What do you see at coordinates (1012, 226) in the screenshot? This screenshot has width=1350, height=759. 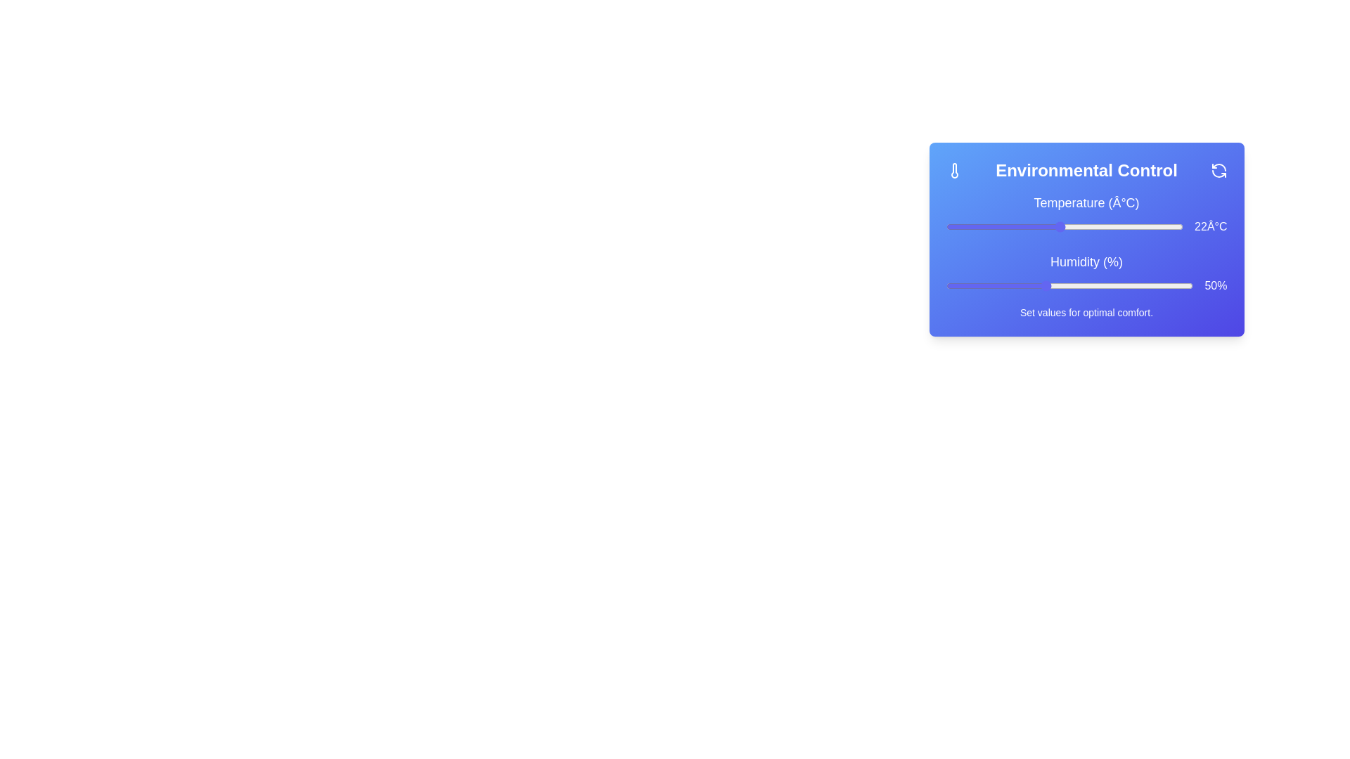 I see `the temperature slider to set the temperature to 17°C` at bounding box center [1012, 226].